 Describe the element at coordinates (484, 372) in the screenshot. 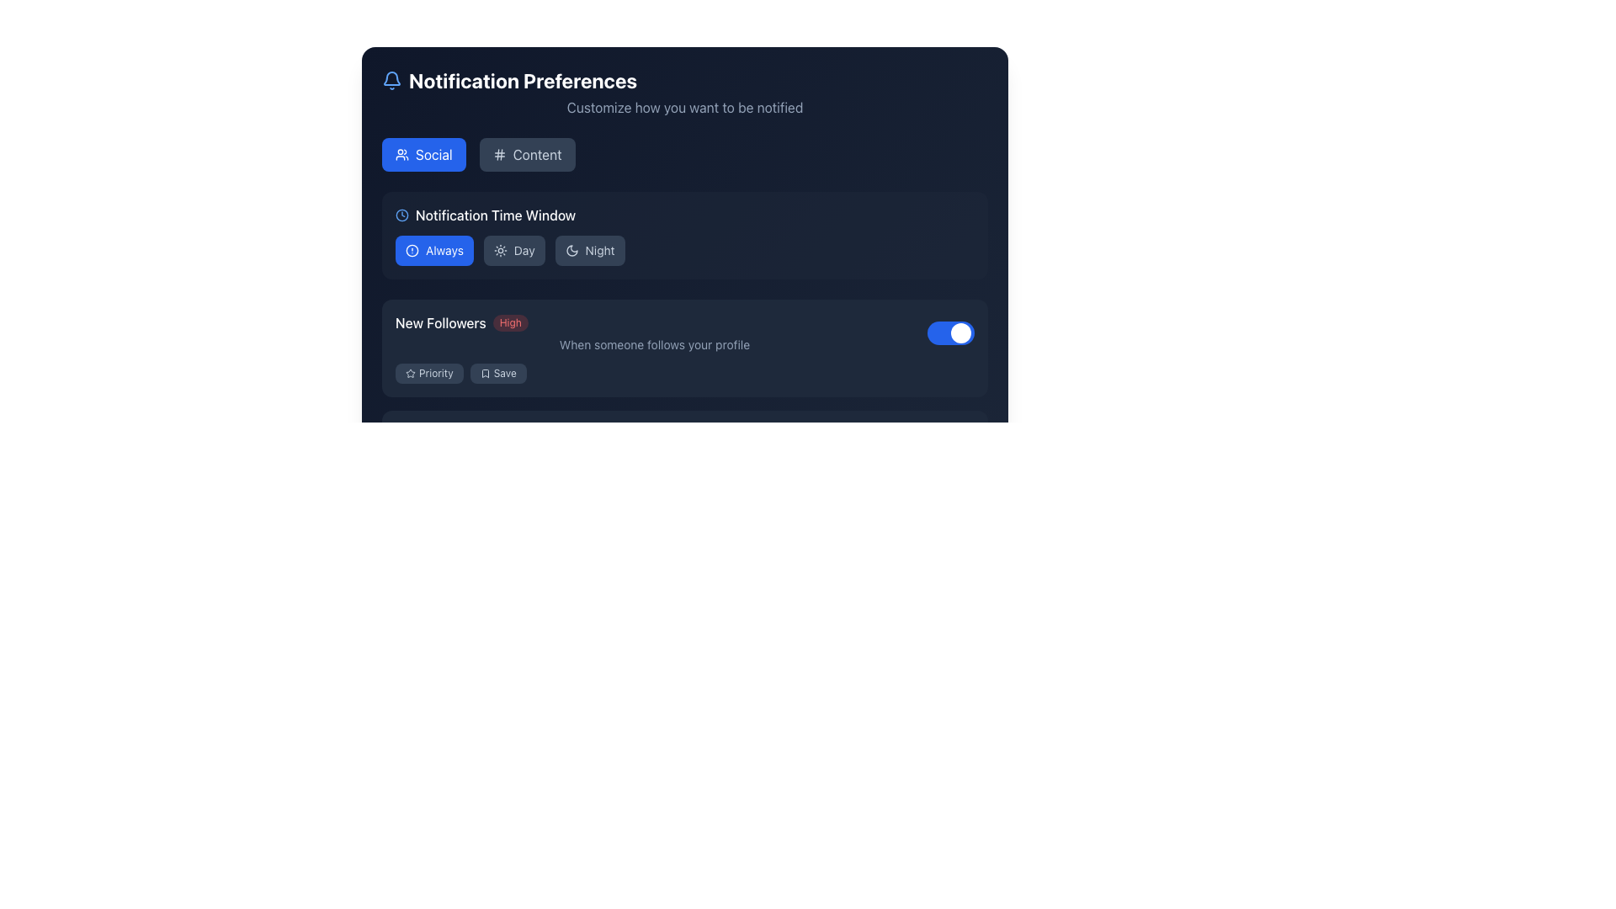

I see `the bookmark icon represented by an SVG graphic located within the 'Save' button at the bottom right of the 'New Followers' section` at that location.